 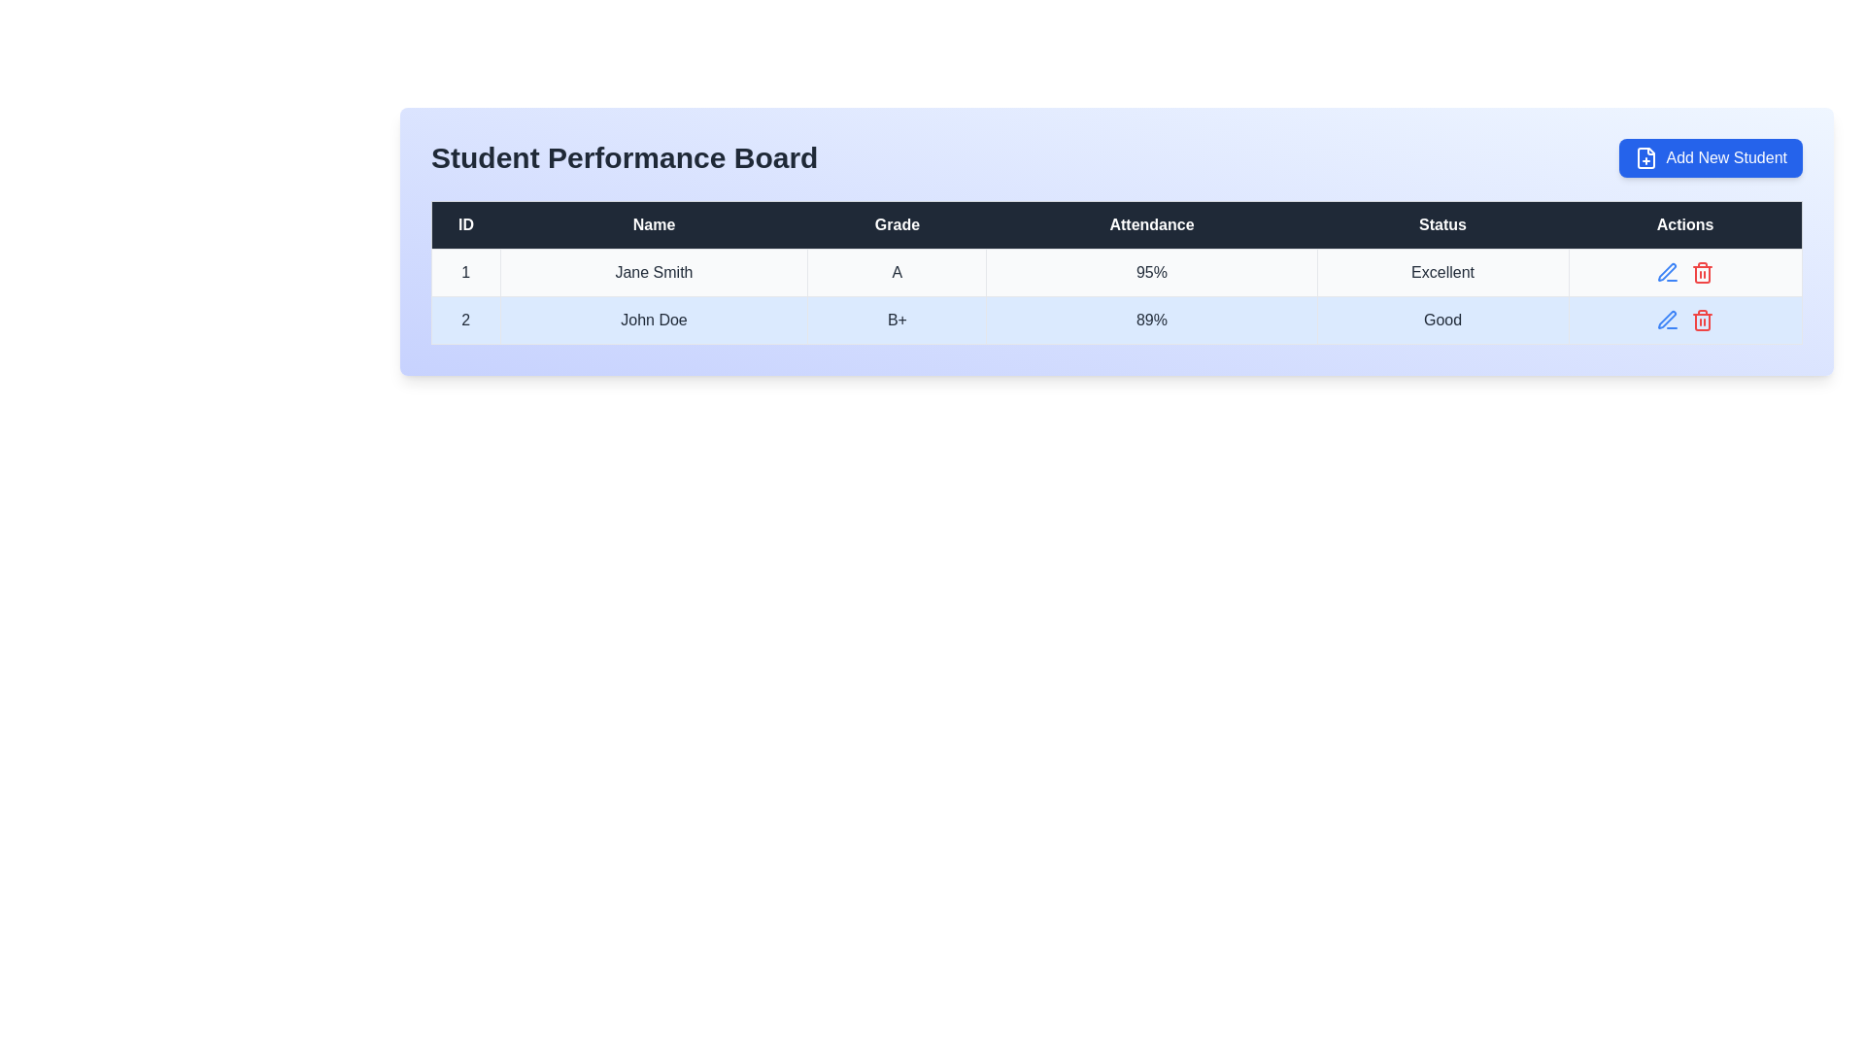 What do you see at coordinates (1666, 319) in the screenshot?
I see `the blue pen icon located in the 'Actions' column of the second row` at bounding box center [1666, 319].